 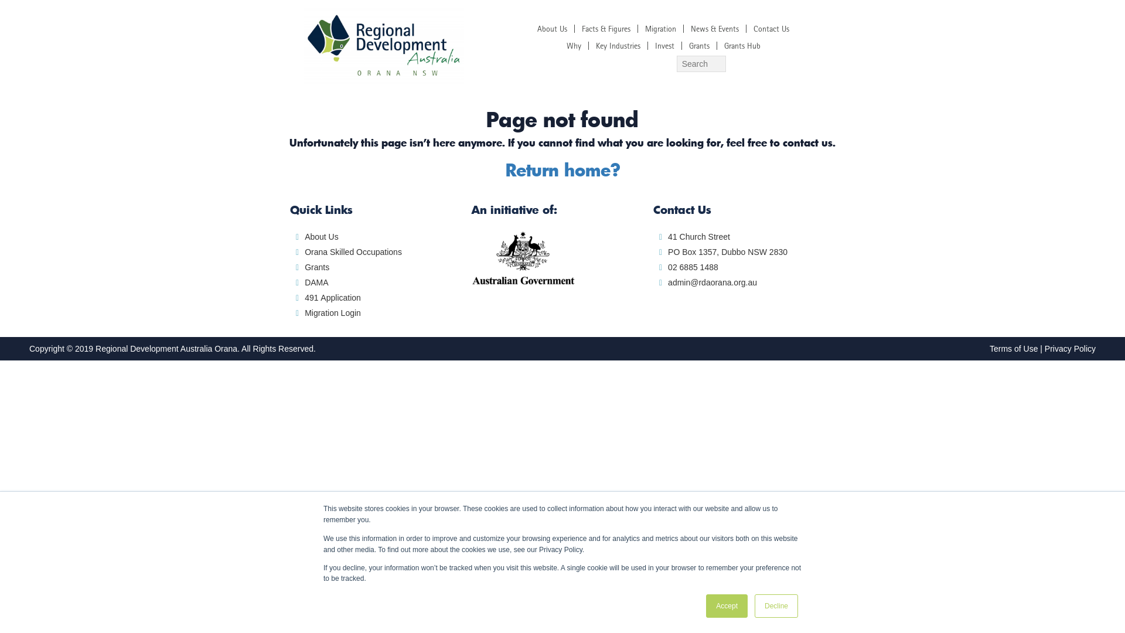 What do you see at coordinates (742, 45) in the screenshot?
I see `'Grants Hub'` at bounding box center [742, 45].